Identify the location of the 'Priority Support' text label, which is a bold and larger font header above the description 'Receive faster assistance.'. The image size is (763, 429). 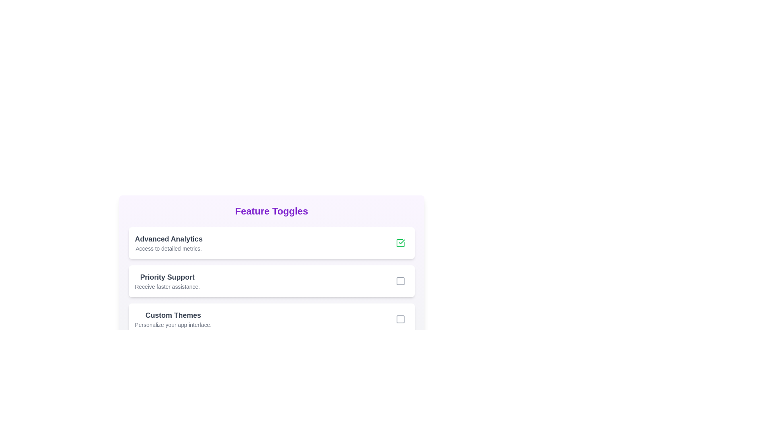
(167, 277).